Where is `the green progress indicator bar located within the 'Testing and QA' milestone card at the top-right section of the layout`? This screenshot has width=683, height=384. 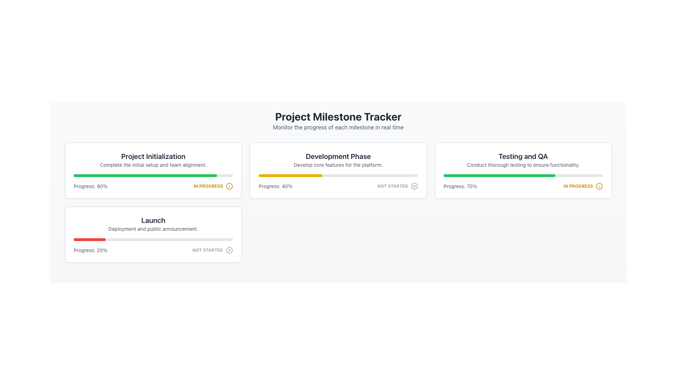
the green progress indicator bar located within the 'Testing and QA' milestone card at the top-right section of the layout is located at coordinates (145, 175).